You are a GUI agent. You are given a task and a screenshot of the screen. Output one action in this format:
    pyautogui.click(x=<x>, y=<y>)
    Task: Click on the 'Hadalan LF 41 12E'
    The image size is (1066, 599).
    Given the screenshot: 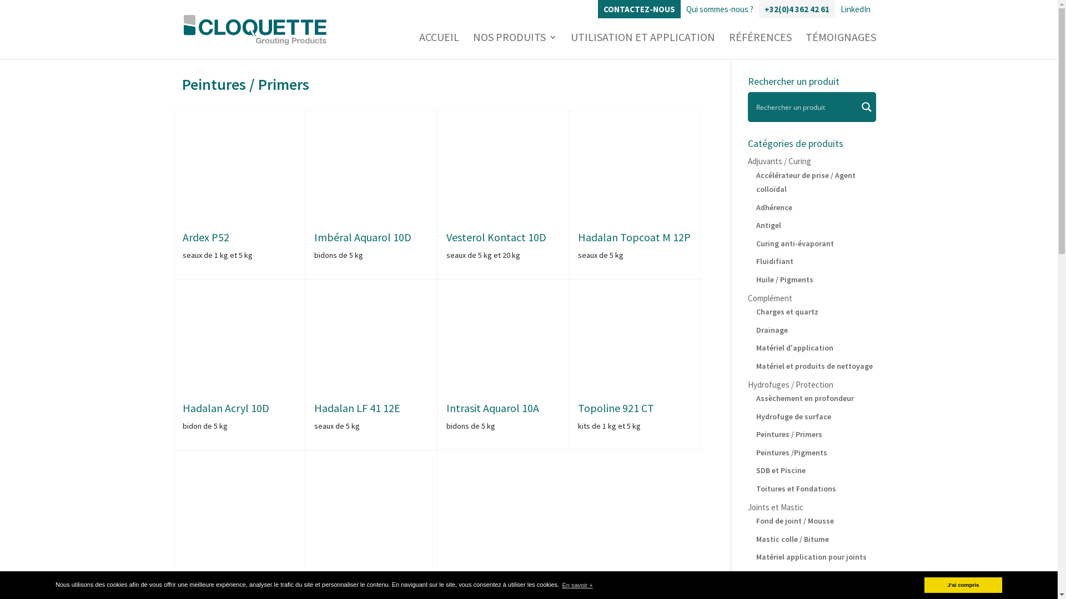 What is the action you would take?
    pyautogui.click(x=314, y=408)
    